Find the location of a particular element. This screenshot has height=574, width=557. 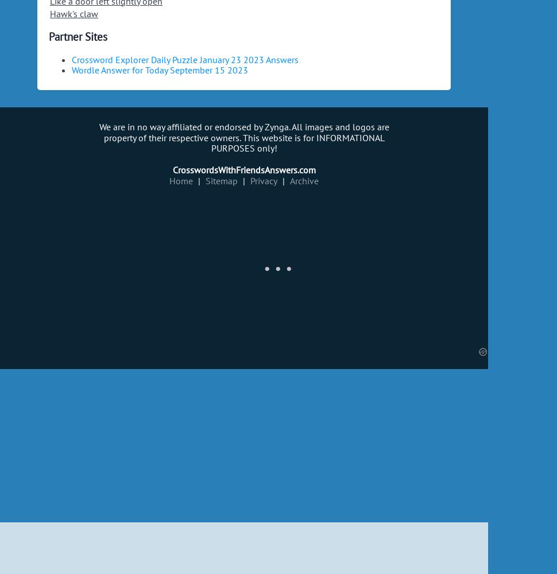

'CrosswordsWithFriendsAnswers.com' is located at coordinates (243, 170).